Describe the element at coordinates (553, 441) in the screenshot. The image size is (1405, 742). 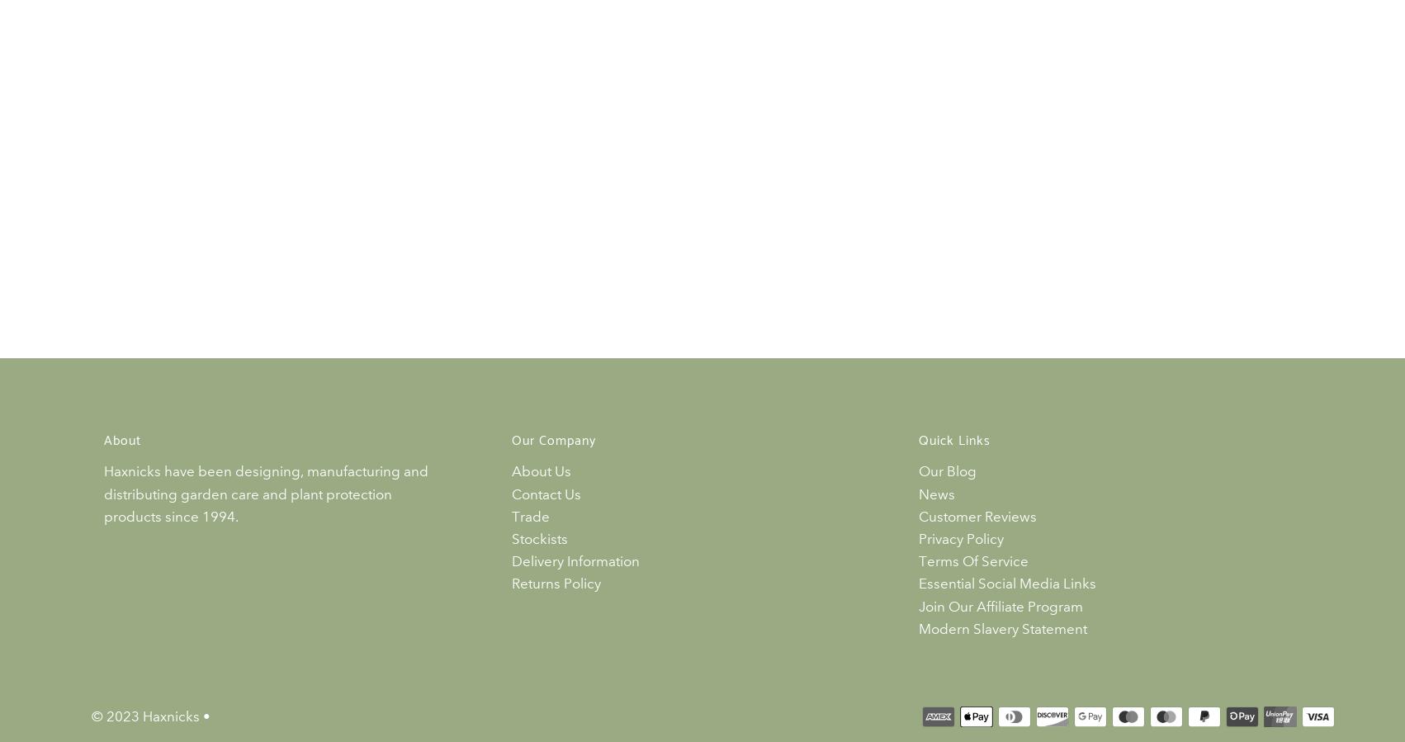
I see `'Our Company'` at that location.